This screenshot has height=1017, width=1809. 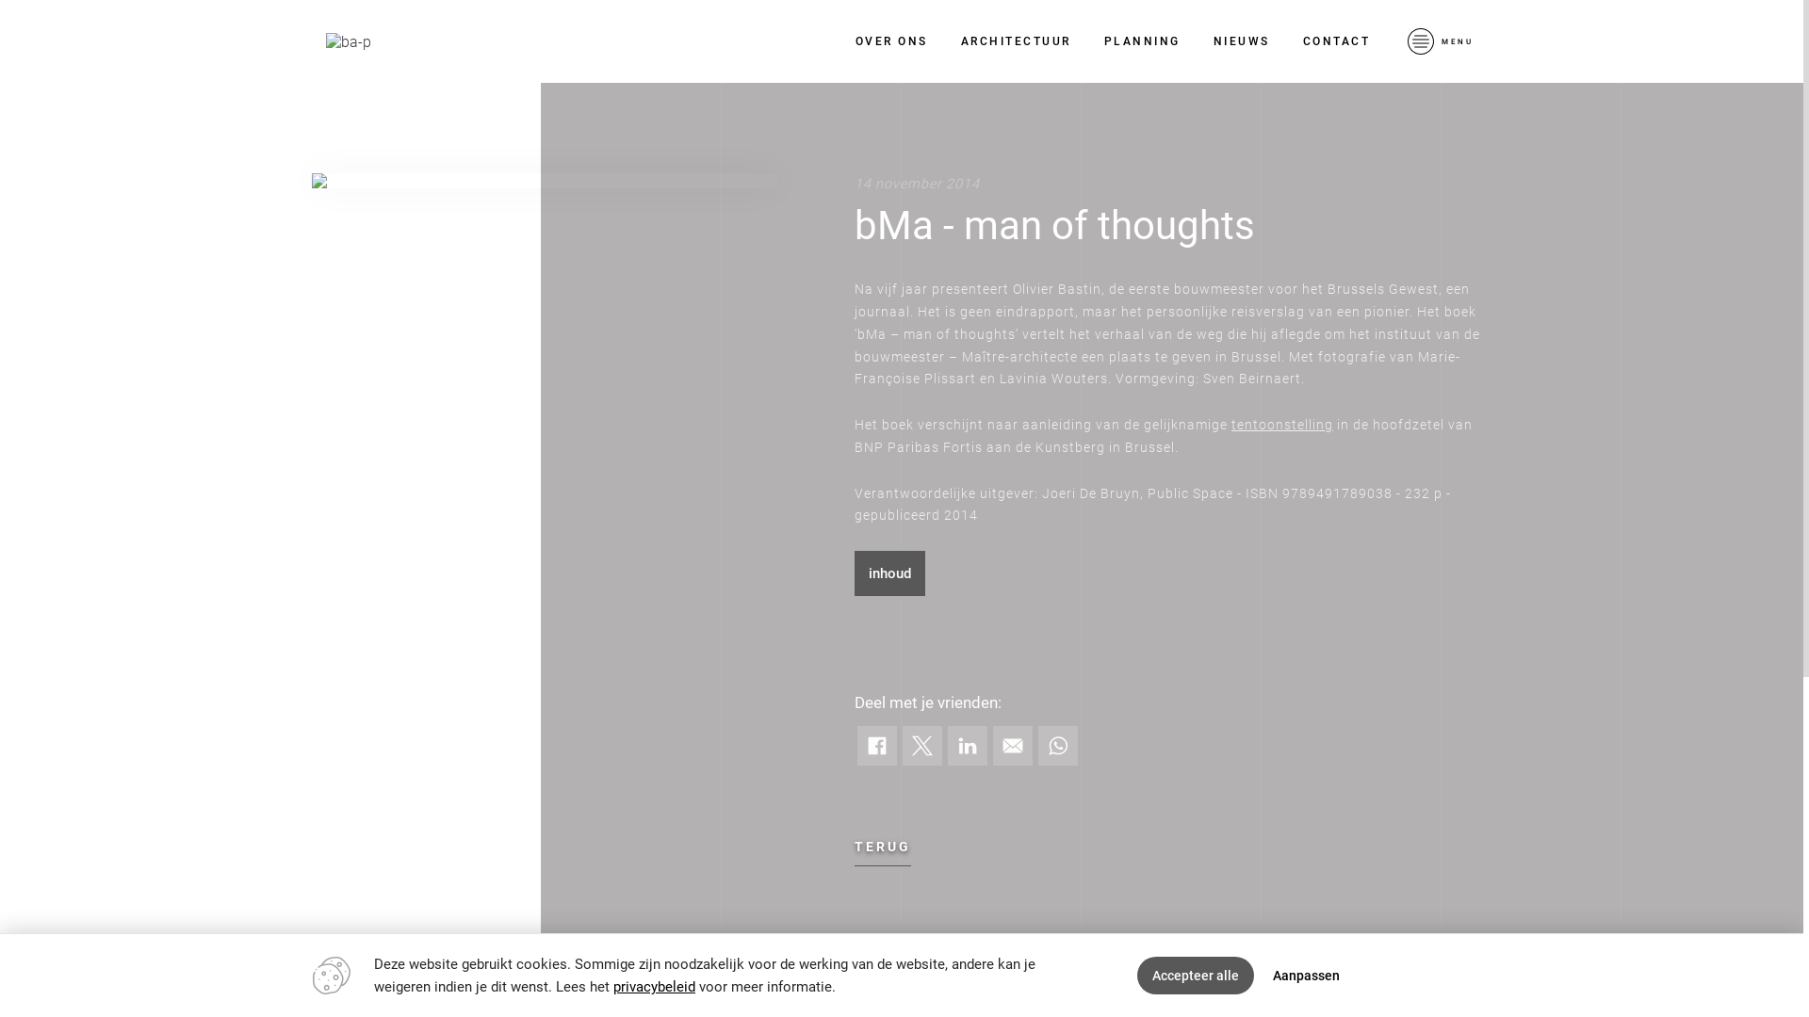 I want to click on 'NIEUWS', so click(x=1242, y=40).